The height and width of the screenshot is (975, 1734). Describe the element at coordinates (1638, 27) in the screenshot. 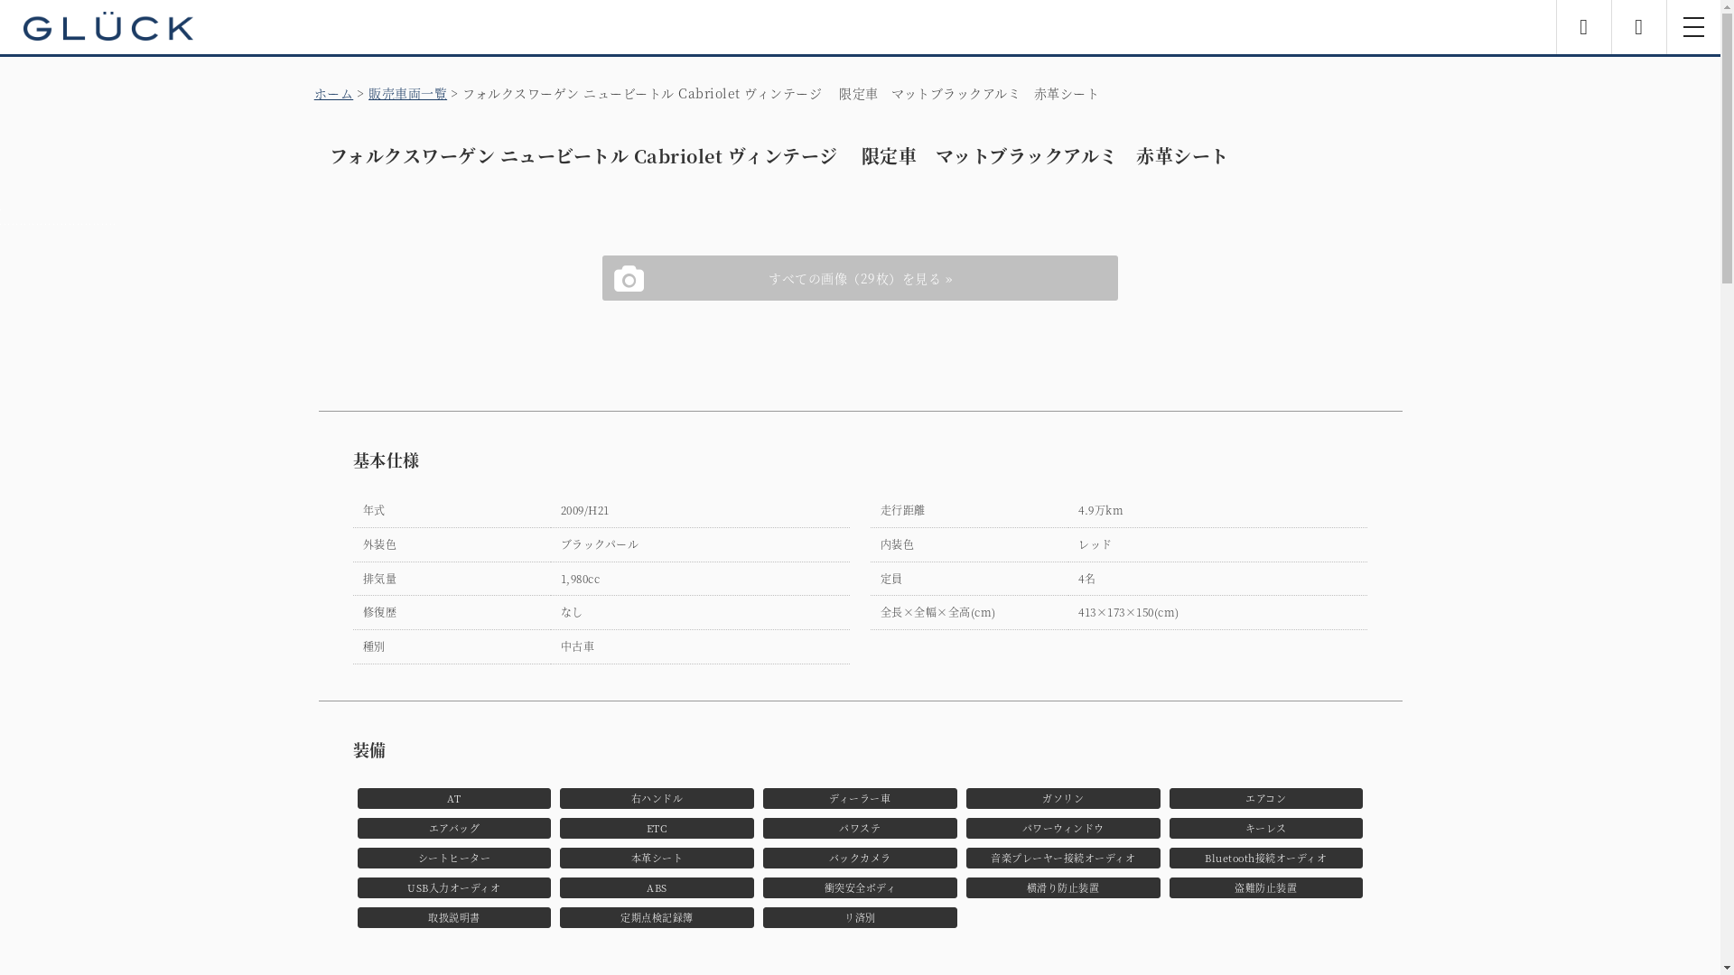

I see `'Instagram'` at that location.